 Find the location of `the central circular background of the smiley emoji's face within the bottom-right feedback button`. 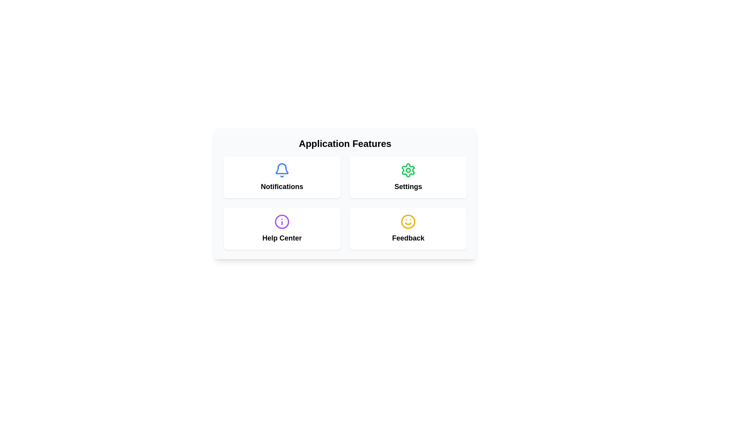

the central circular background of the smiley emoji's face within the bottom-right feedback button is located at coordinates (408, 222).